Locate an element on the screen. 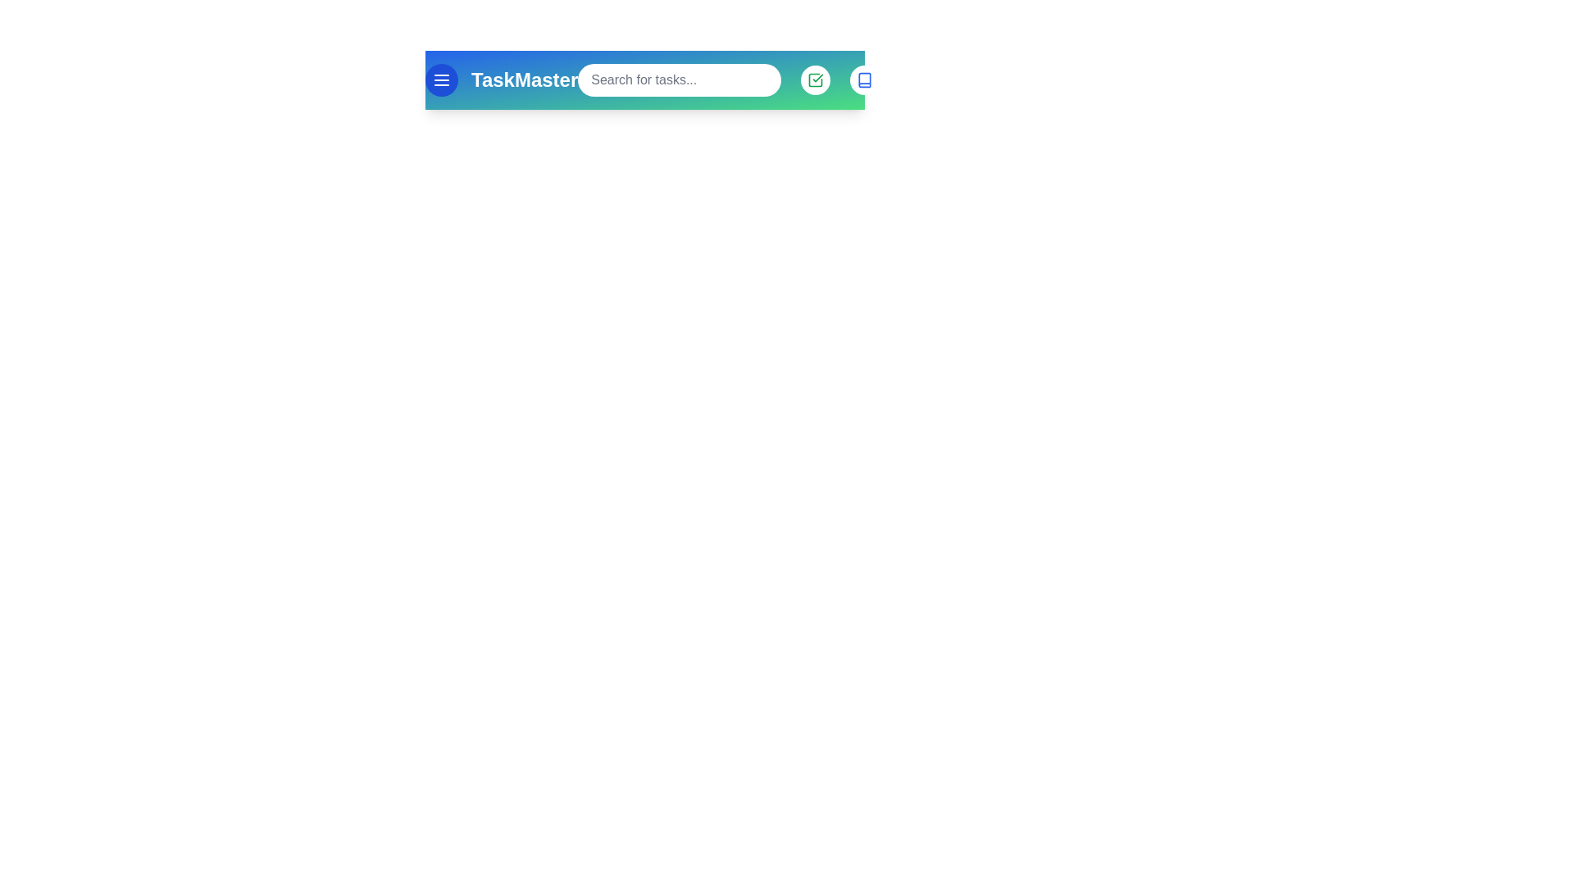  the search text field and enter the desired text to search for tasks is located at coordinates (680, 79).